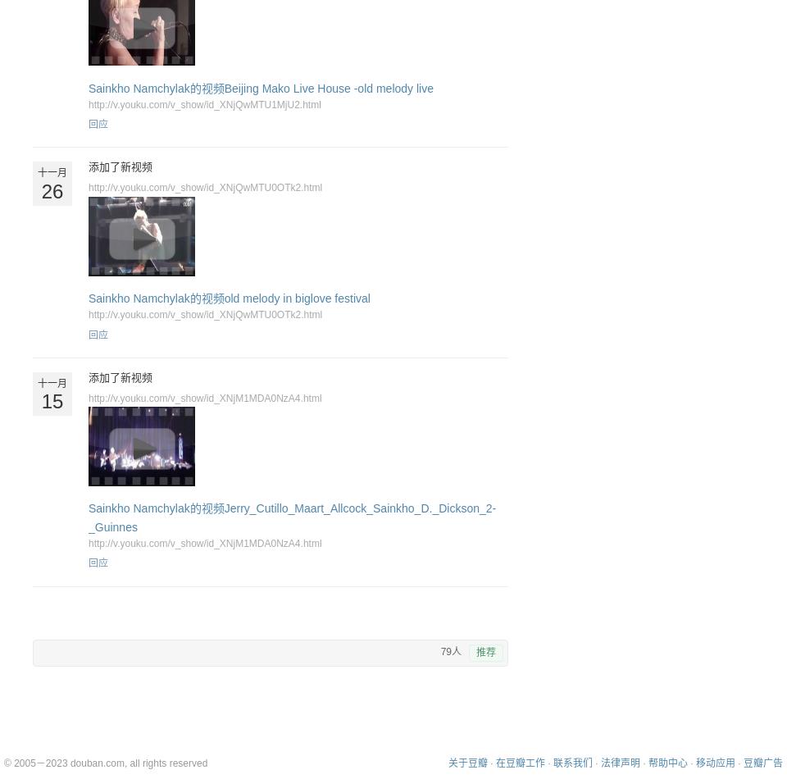  Describe the element at coordinates (52, 190) in the screenshot. I see `'26'` at that location.